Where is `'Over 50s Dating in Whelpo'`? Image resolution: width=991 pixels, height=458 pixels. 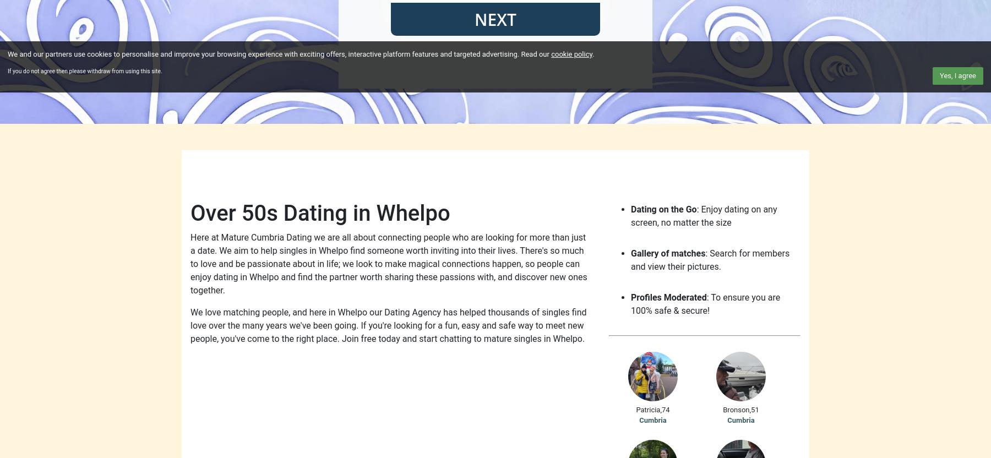
'Over 50s Dating in Whelpo' is located at coordinates (190, 212).